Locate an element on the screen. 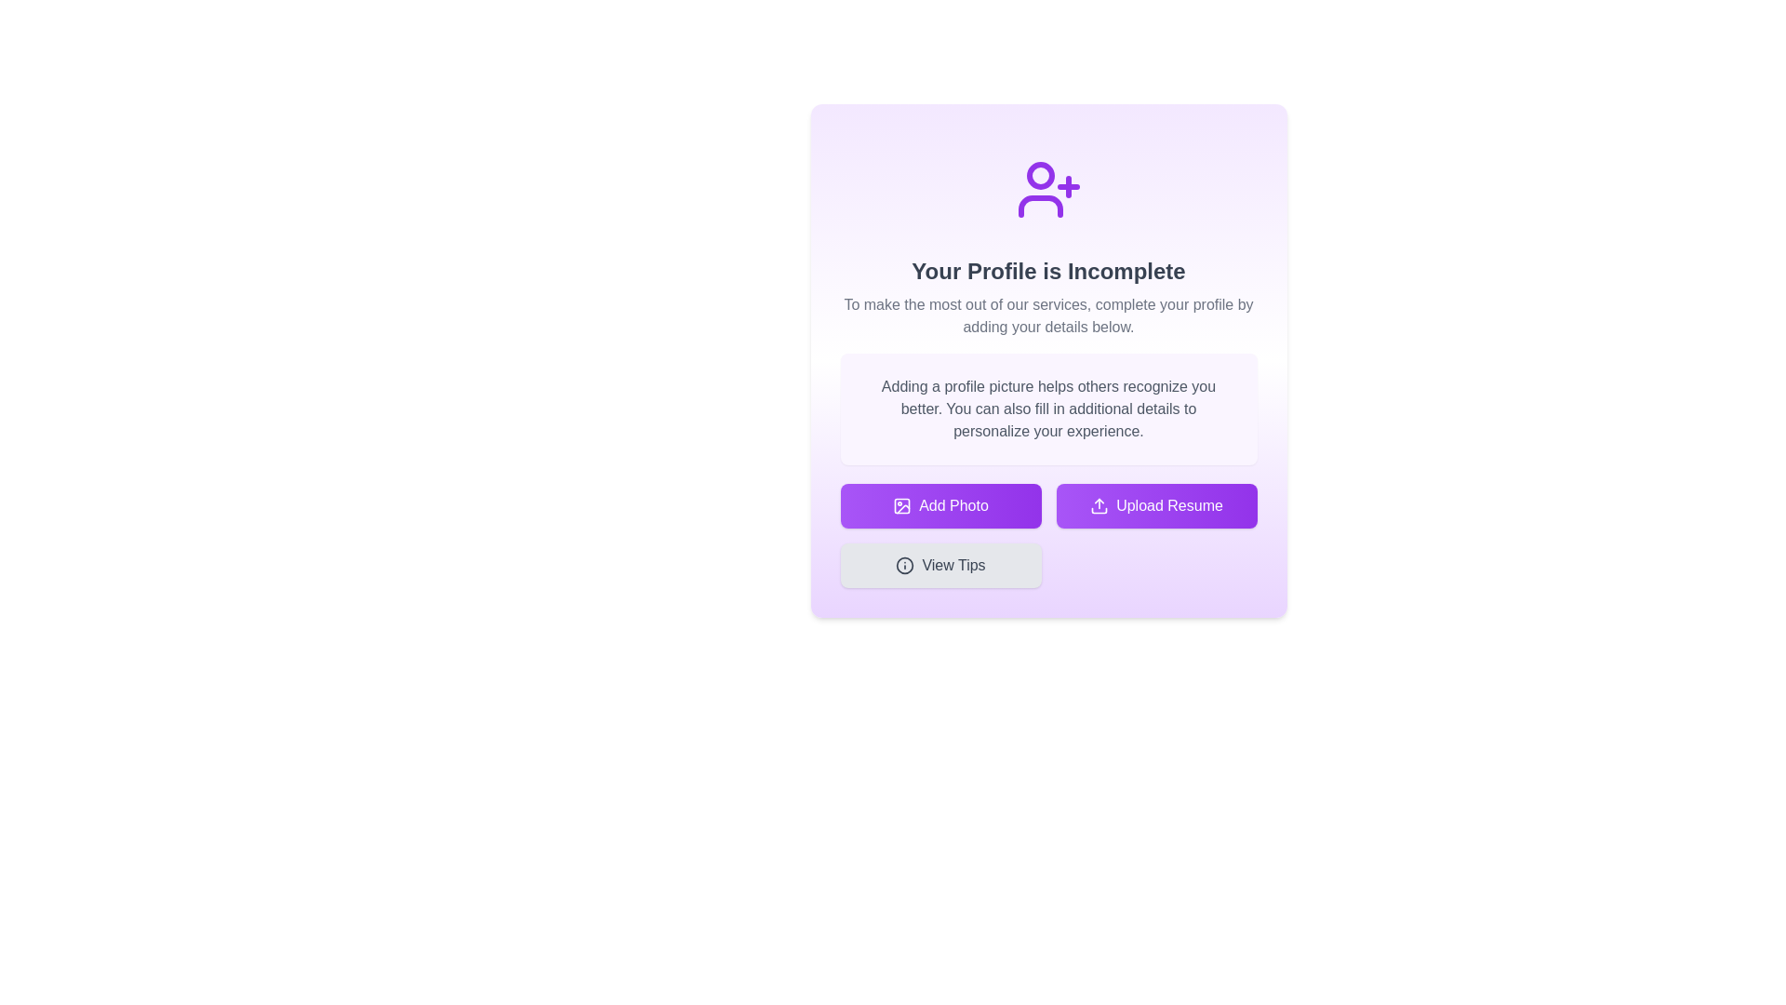  the icon located to the left of the 'View Tips' text within the button in the bottom section of the styled card is located at coordinates (905, 565).